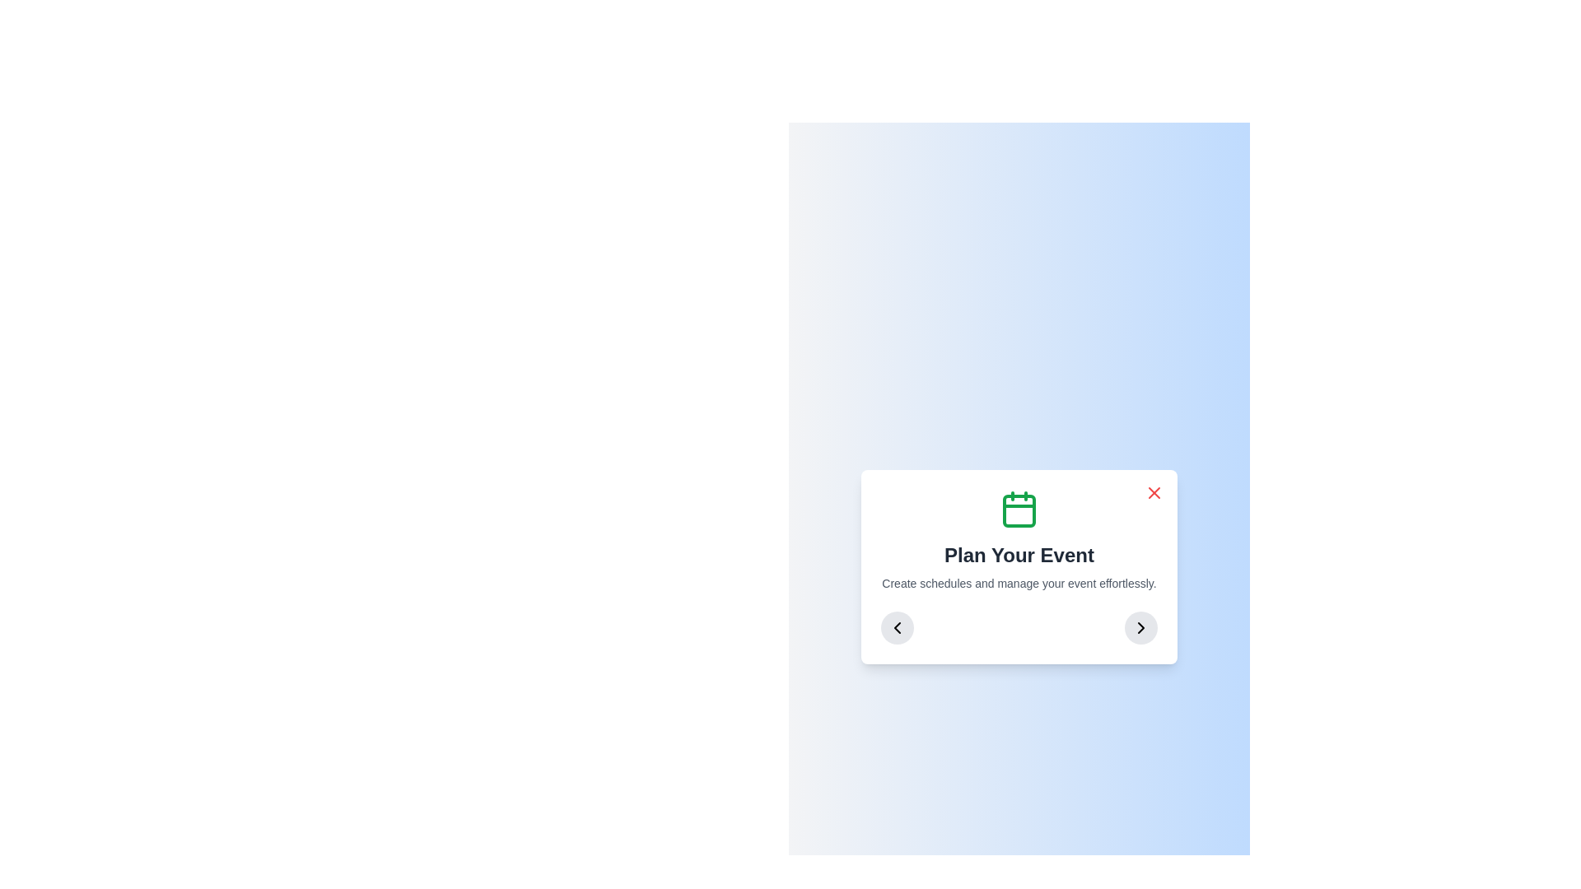 This screenshot has width=1581, height=889. I want to click on the left-pointing chevron icon within the circular button located near the bottom left corner of the white card layout, so click(896, 628).